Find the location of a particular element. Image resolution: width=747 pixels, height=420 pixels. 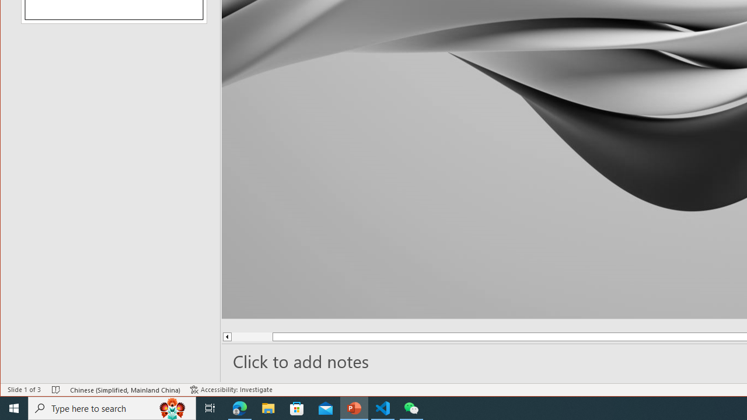

'WeChat - 1 running window' is located at coordinates (411, 407).